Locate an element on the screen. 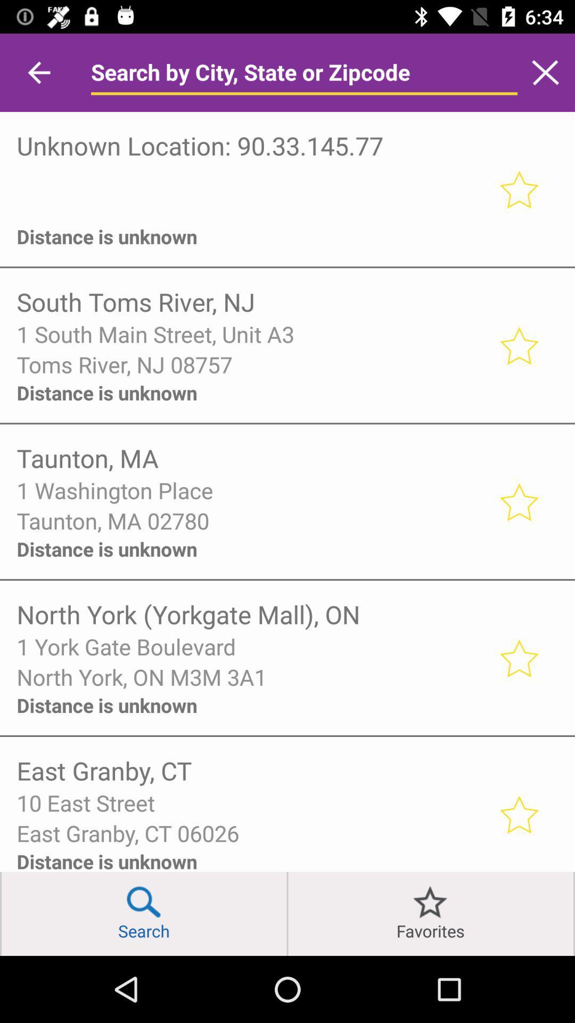 This screenshot has height=1023, width=575. favorite is located at coordinates (518, 657).